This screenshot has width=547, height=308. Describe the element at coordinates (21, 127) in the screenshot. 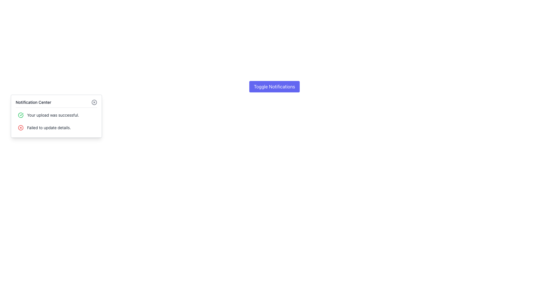

I see `the error indicator icon located to the left of the text 'Failed to update details.' in the notification block` at that location.